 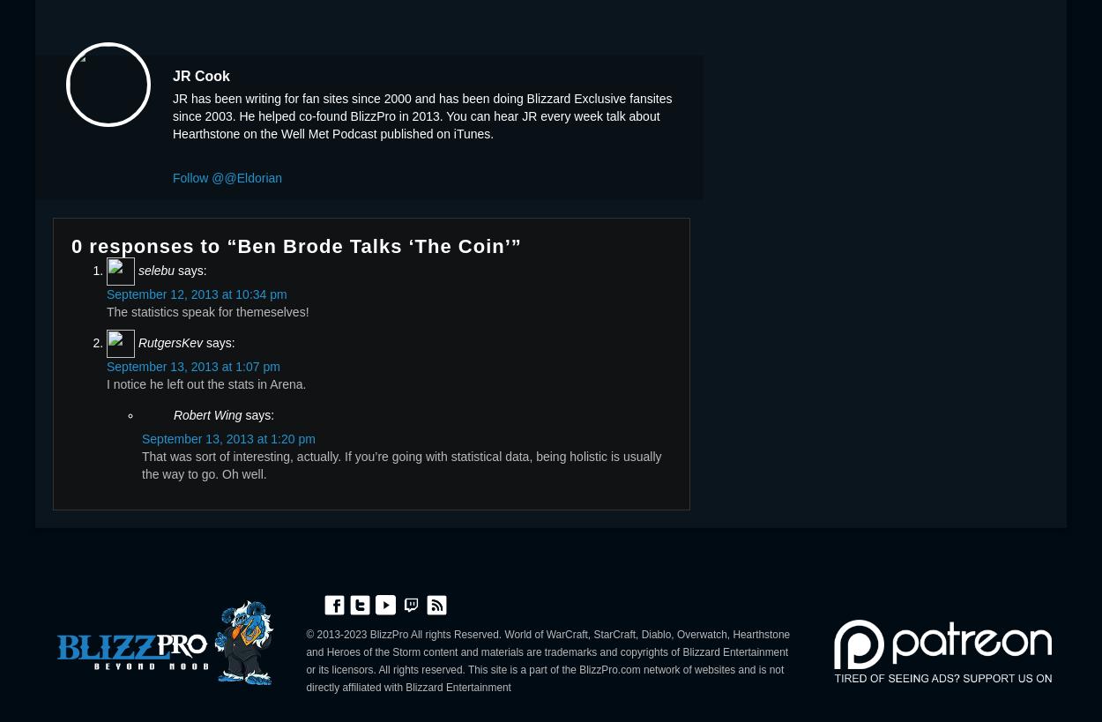 What do you see at coordinates (305, 659) in the screenshot?
I see `'© 2013-2023 BlizzPro All rights Reserved. World of WarCraft, StarCraft, Diablo, Overwatch, Hearthstone and Heroes of the Storm content and materials are trademarks and copyrights of Blizzard Entertainment or its licensors. All rights reserved. This site is a part of the BlizzPro.com network of websites and is not directly affiliated with Blizzard Entertainment'` at bounding box center [305, 659].